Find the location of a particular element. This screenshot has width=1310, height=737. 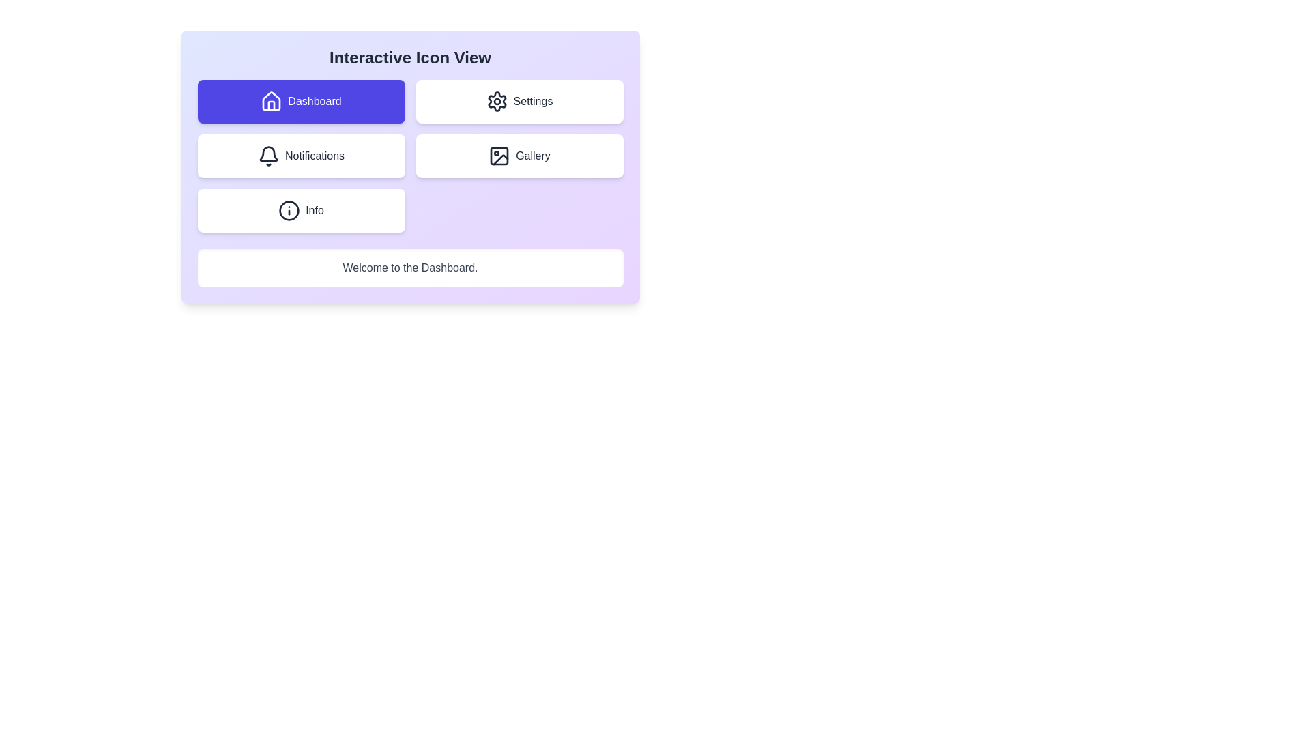

the 'Info' text label which is styled with a medium font weight and located in the lower-left section of the interface, next to an information icon is located at coordinates (314, 210).